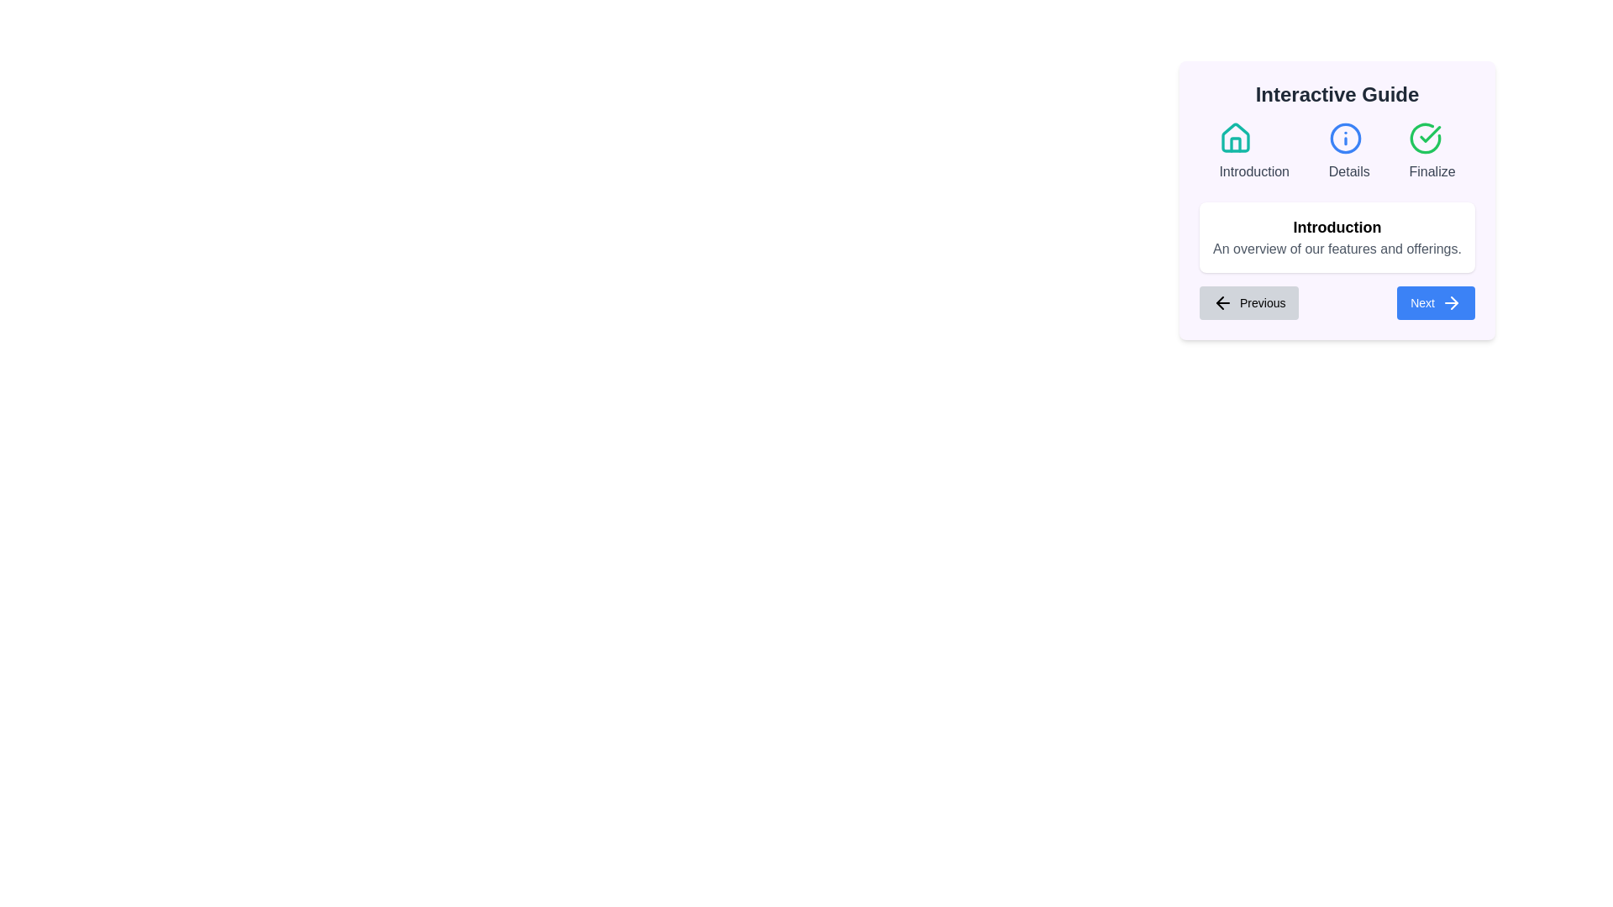  Describe the element at coordinates (1434, 303) in the screenshot. I see `the Next button to navigate between steps` at that location.